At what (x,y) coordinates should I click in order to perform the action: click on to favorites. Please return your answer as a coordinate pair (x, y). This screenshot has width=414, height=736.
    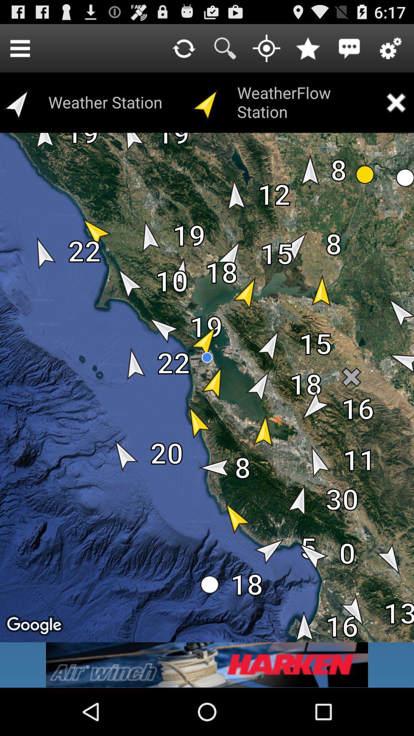
    Looking at the image, I should click on (307, 48).